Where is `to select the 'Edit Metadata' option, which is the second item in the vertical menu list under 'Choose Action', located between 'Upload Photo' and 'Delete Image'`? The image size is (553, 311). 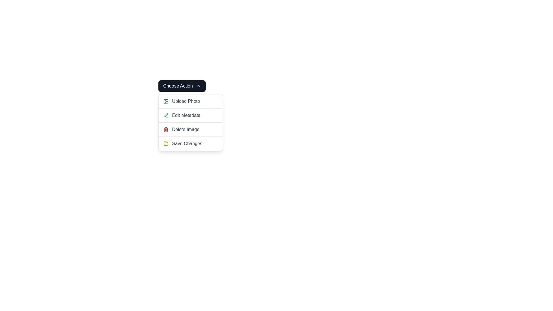
to select the 'Edit Metadata' option, which is the second item in the vertical menu list under 'Choose Action', located between 'Upload Photo' and 'Delete Image' is located at coordinates (191, 115).